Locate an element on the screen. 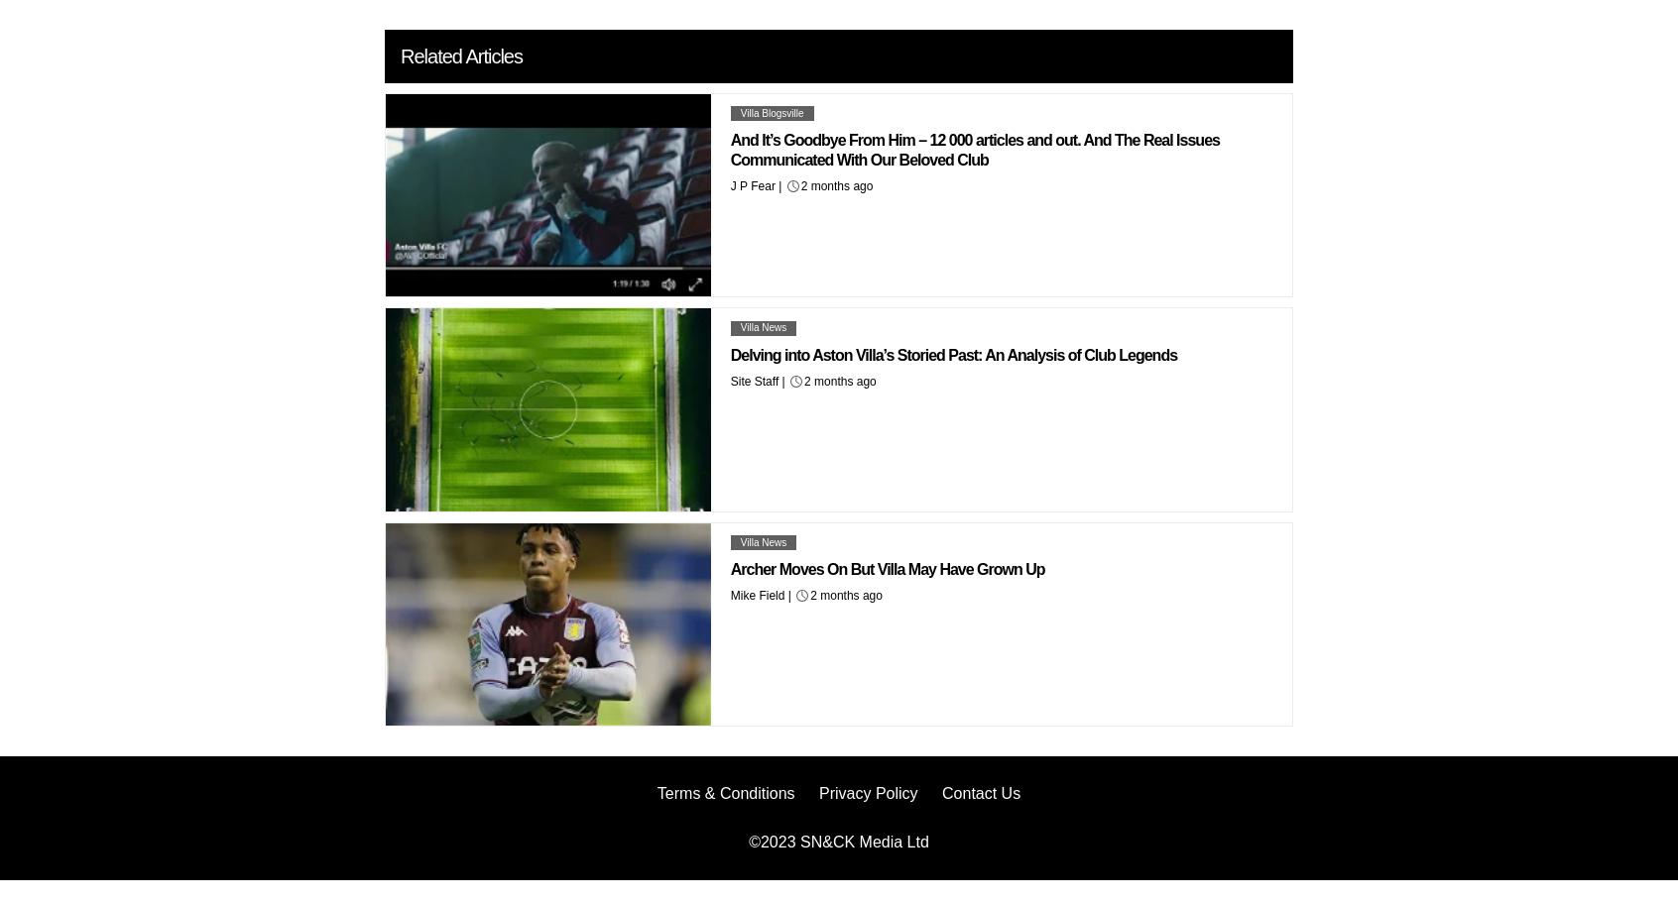 The height and width of the screenshot is (903, 1678). 'Mike Field' is located at coordinates (756, 594).